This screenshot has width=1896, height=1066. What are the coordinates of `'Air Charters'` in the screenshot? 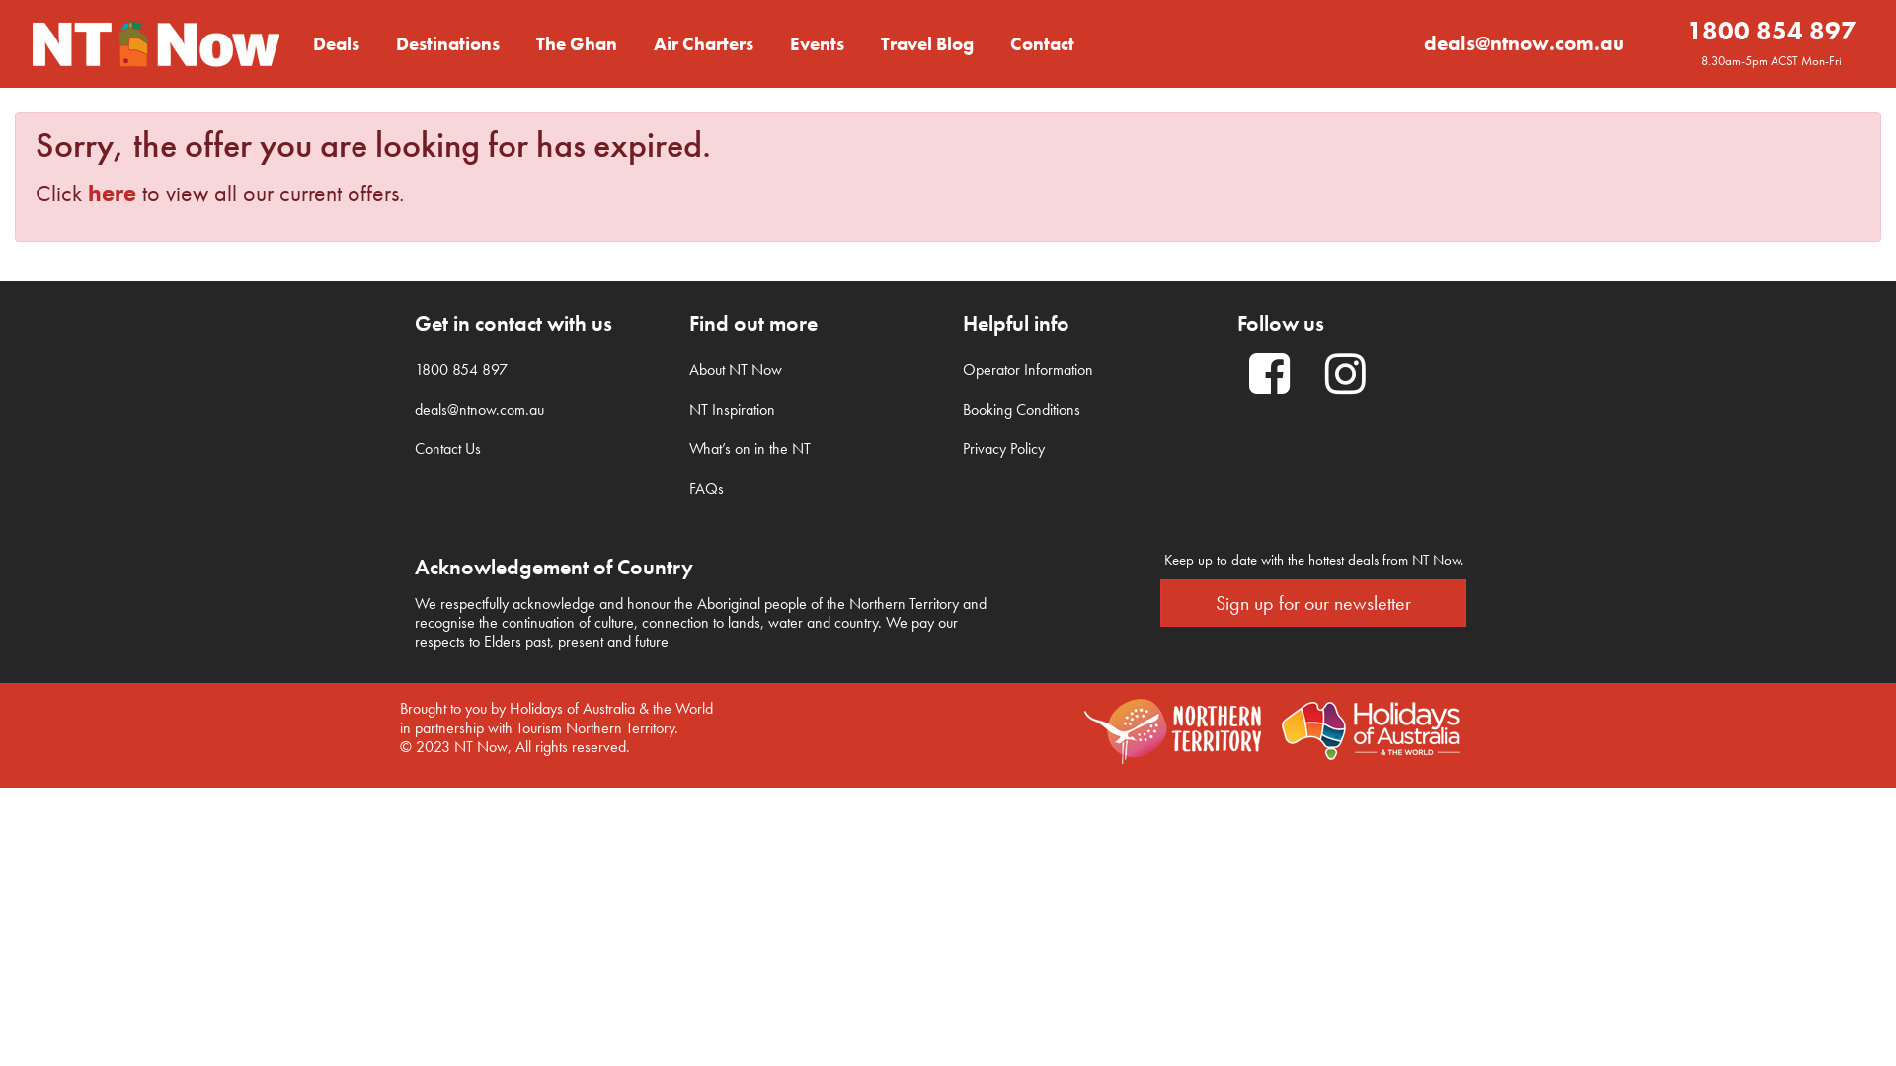 It's located at (703, 43).